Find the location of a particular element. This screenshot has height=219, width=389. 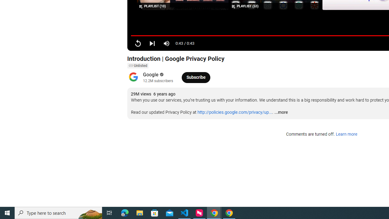

'Unlisted' is located at coordinates (137, 66).